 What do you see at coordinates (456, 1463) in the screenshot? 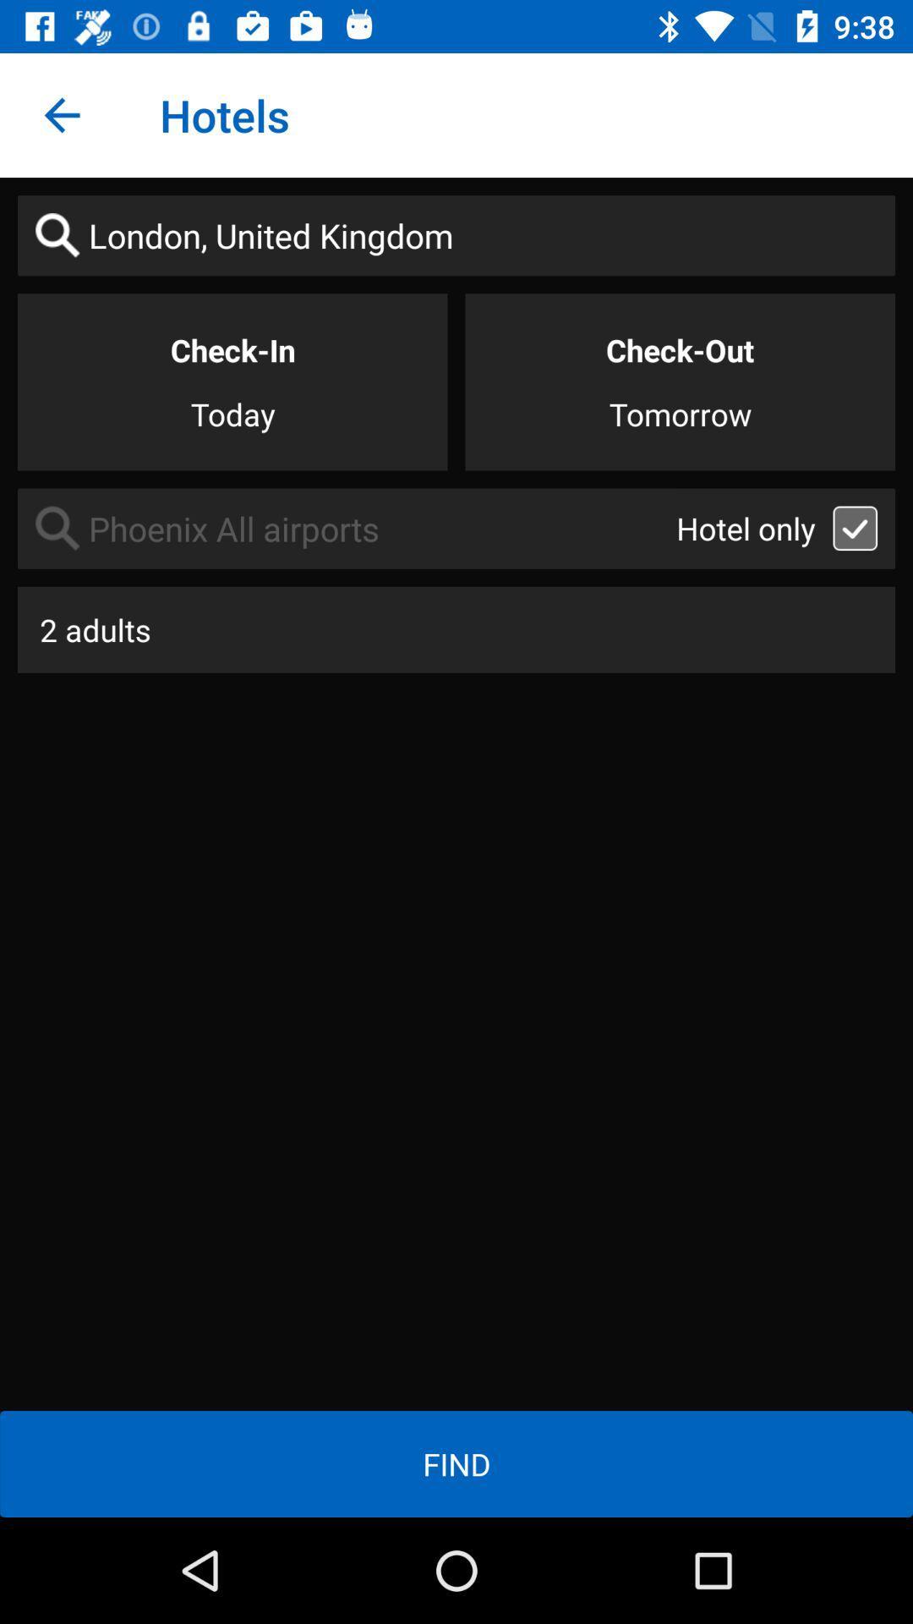
I see `find item` at bounding box center [456, 1463].